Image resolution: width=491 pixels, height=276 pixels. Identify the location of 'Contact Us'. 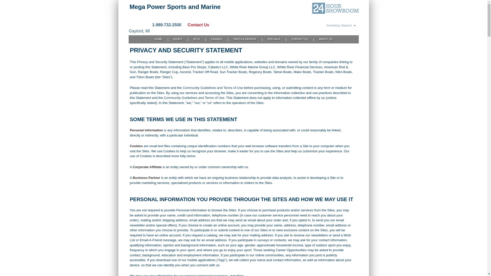
(195, 25).